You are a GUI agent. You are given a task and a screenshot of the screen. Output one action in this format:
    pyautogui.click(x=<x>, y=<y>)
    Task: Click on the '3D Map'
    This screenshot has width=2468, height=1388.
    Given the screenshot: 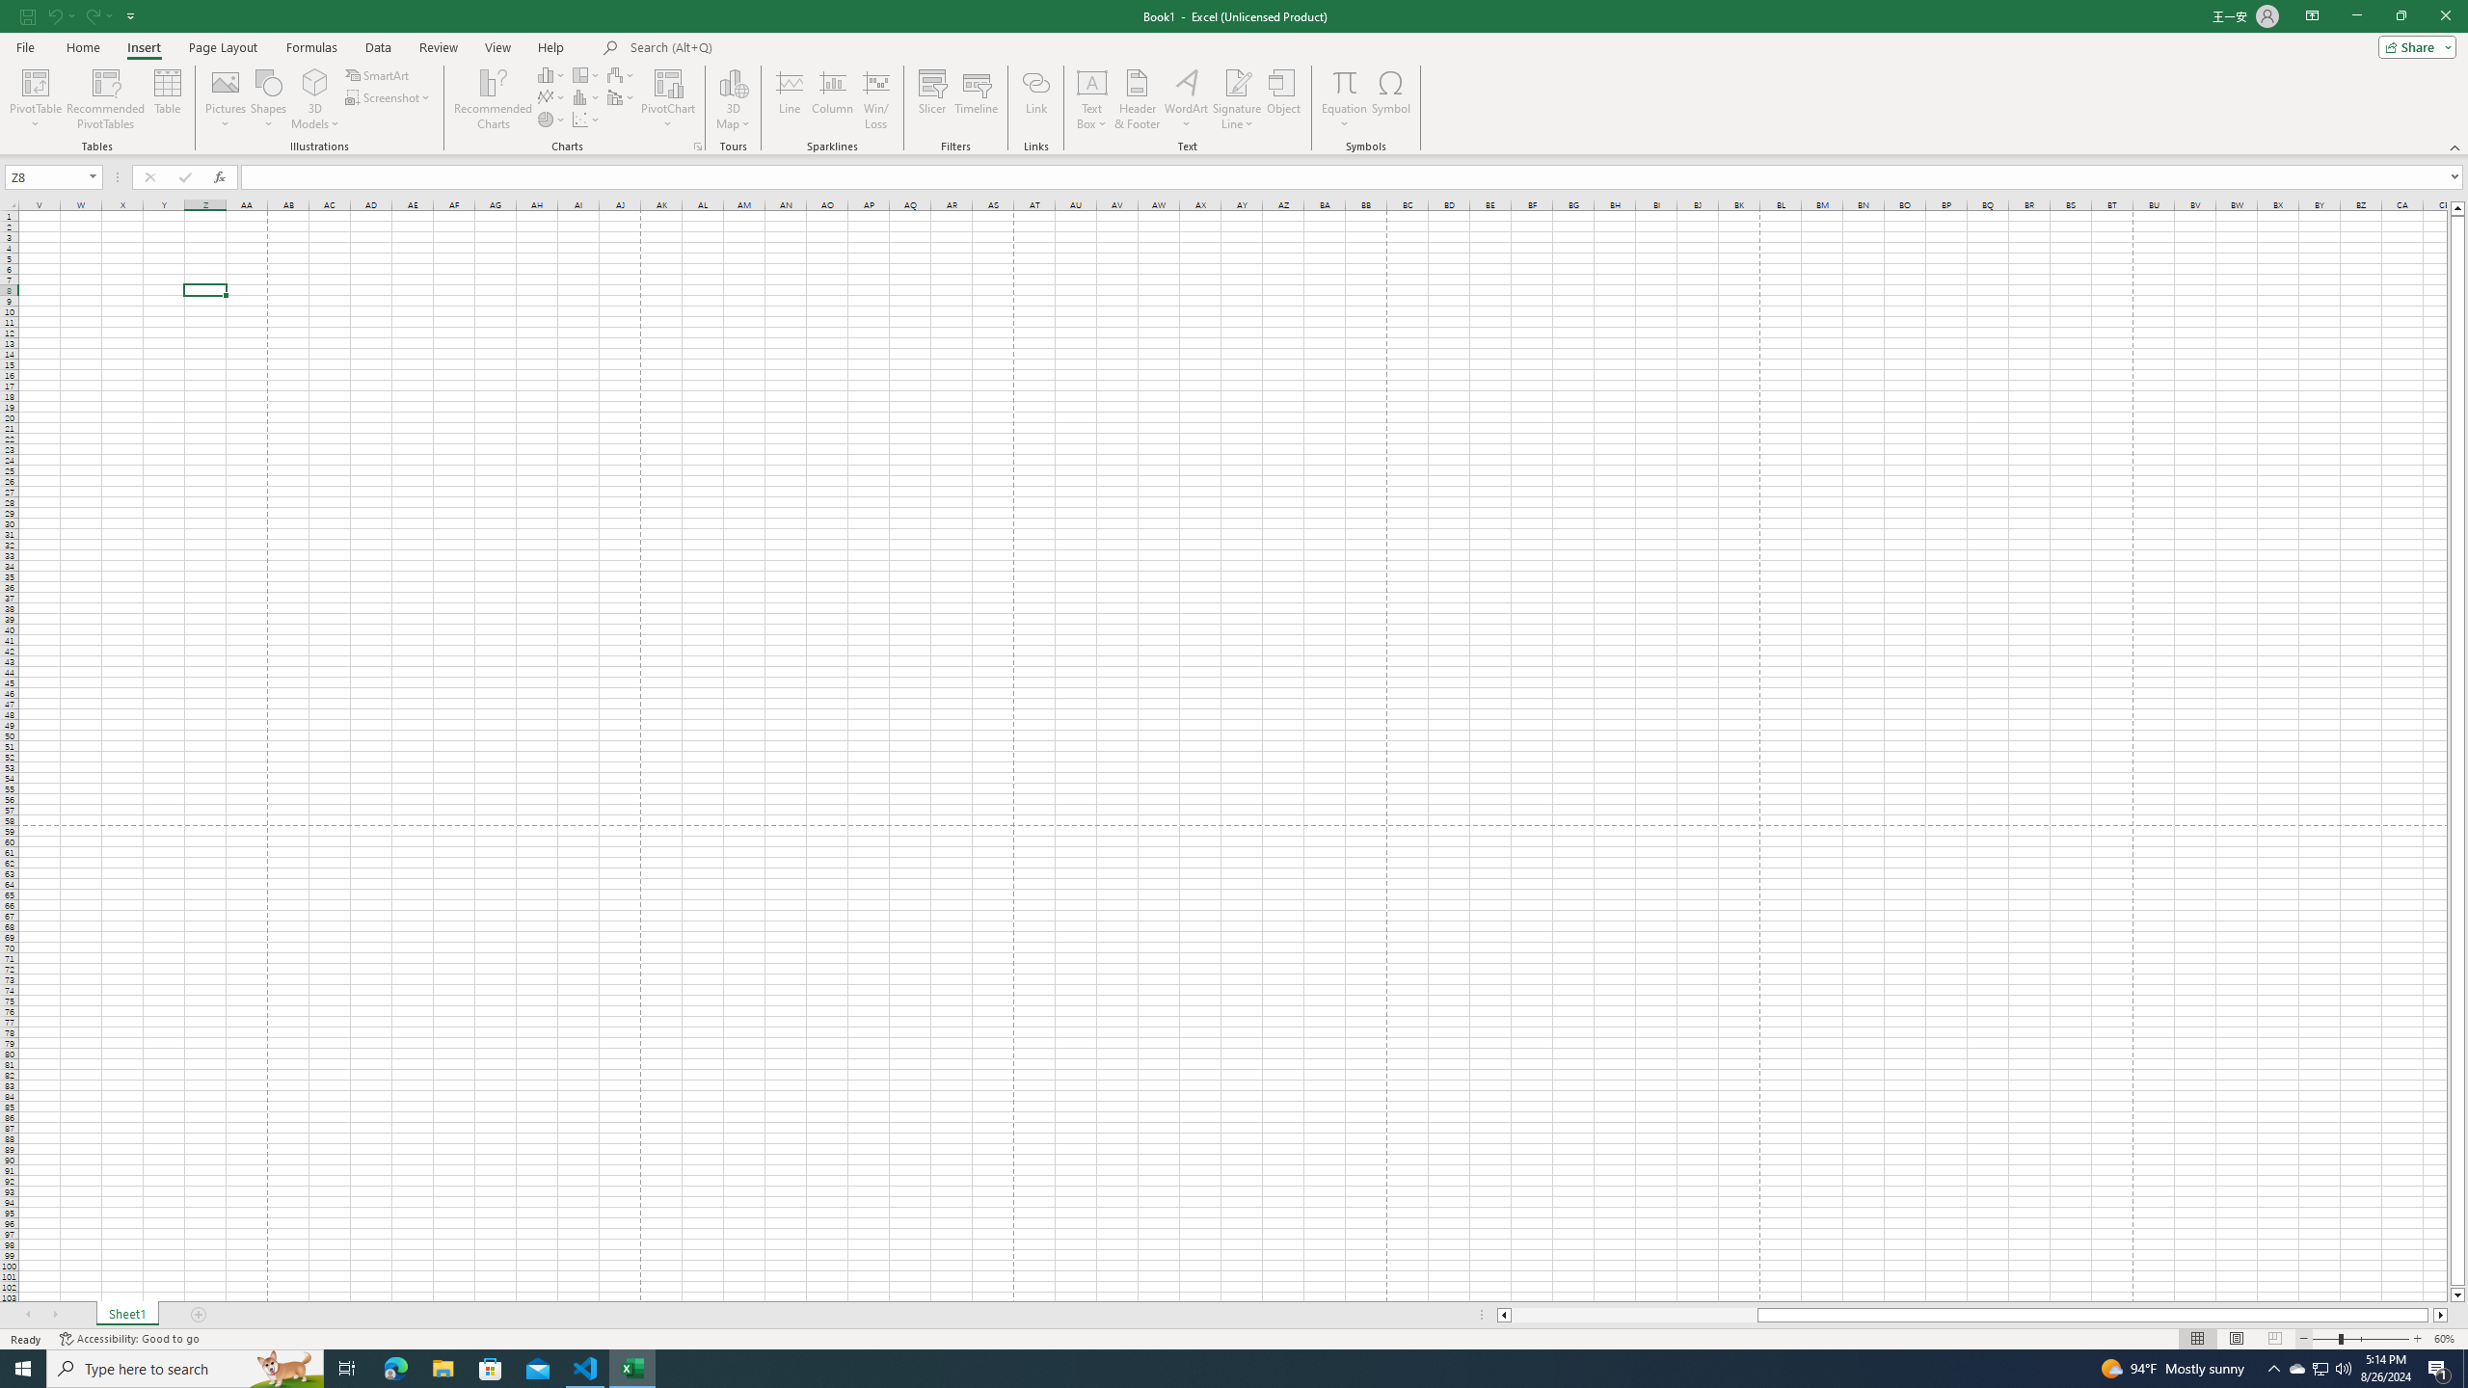 What is the action you would take?
    pyautogui.click(x=732, y=81)
    